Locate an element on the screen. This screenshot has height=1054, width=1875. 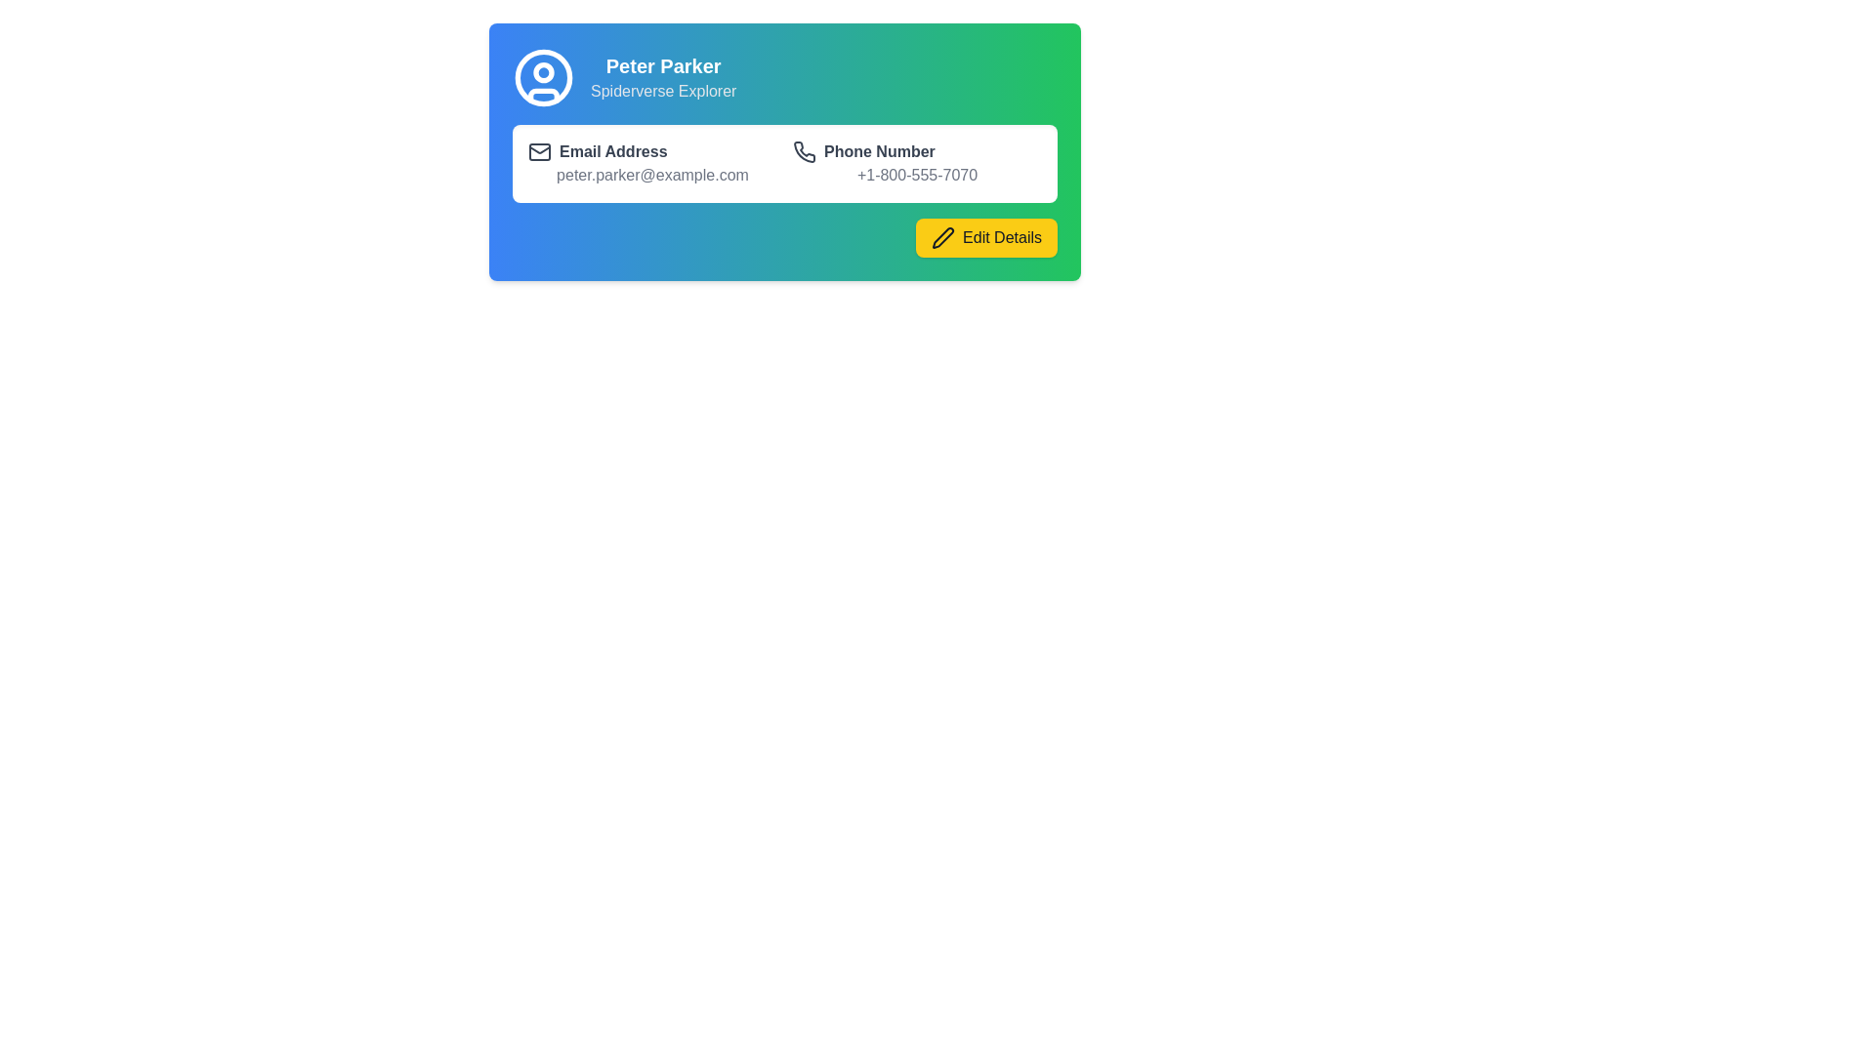
the Text Display element that shows contact information, specifically the phone number, located in the right column adjacent to the Email Address section is located at coordinates (916, 163).